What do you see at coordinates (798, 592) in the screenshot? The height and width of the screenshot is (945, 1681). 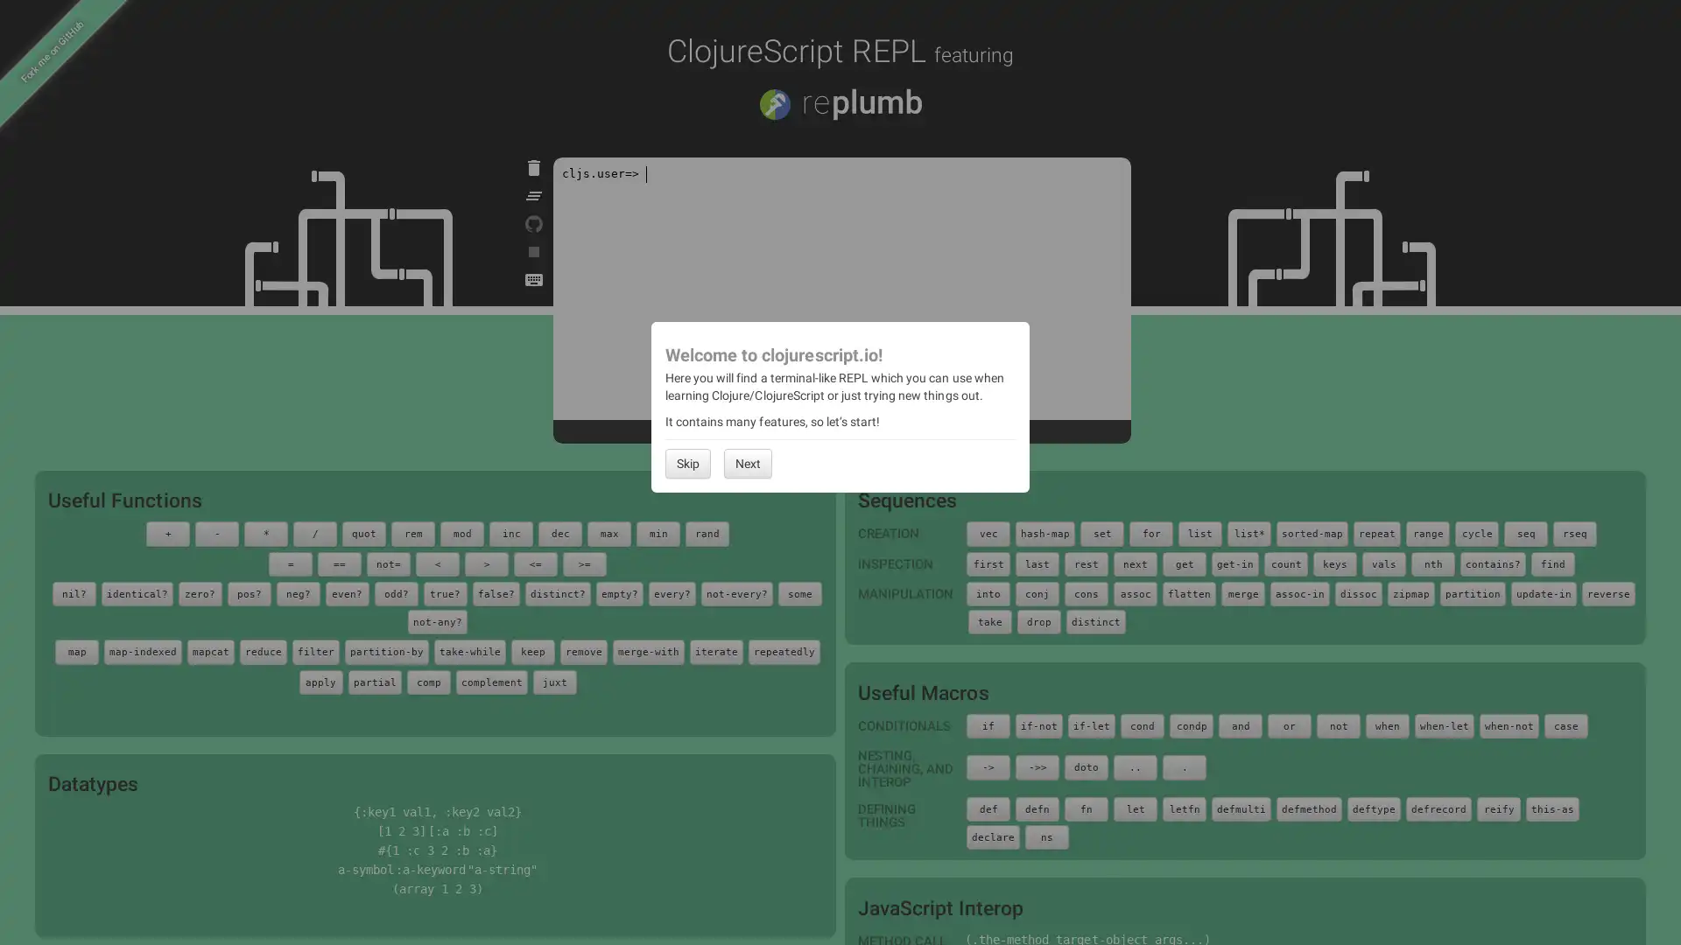 I see `some` at bounding box center [798, 592].